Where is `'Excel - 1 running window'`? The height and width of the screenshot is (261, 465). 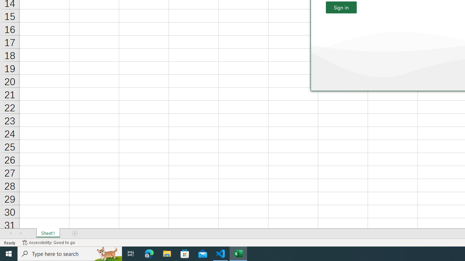
'Excel - 1 running window' is located at coordinates (238, 253).